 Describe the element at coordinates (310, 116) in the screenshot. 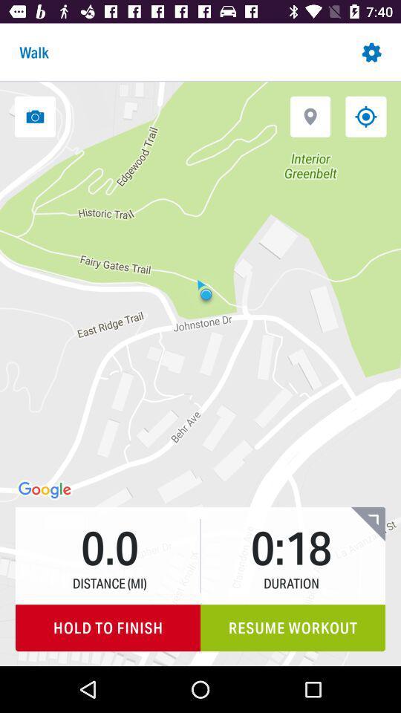

I see `icon above interior greenbelt` at that location.